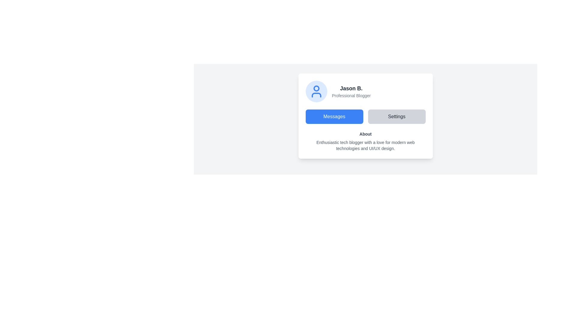 This screenshot has height=324, width=576. Describe the element at coordinates (316, 88) in the screenshot. I see `the circular element representing the head area of the user profile icon located at the top-left portion of the card` at that location.